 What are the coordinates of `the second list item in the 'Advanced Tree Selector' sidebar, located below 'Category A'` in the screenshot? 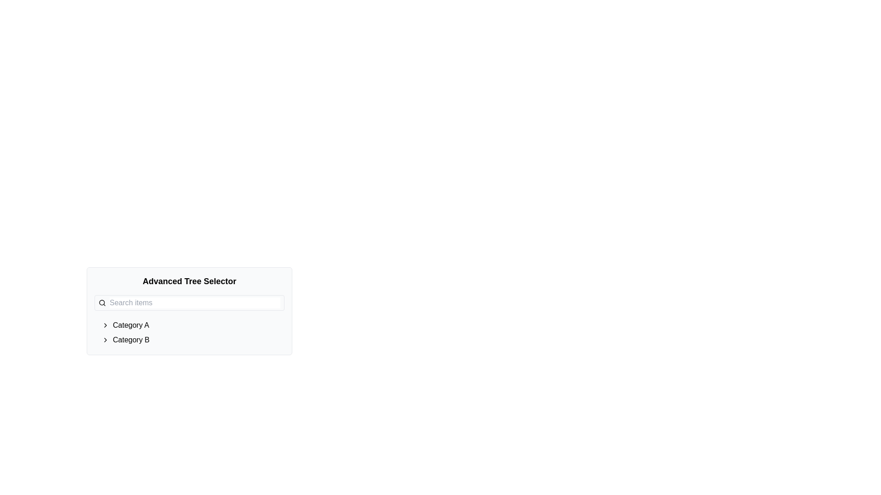 It's located at (193, 340).